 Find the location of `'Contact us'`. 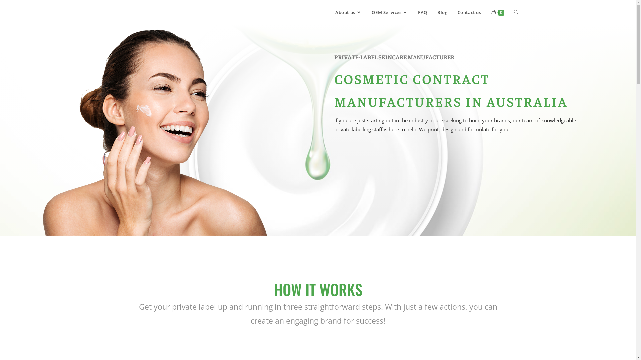

'Contact us' is located at coordinates (469, 12).